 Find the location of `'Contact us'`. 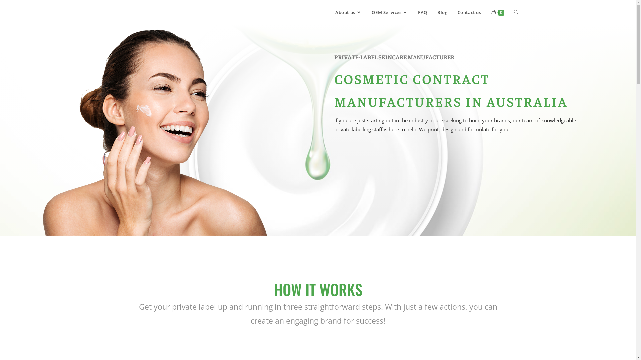

'Contact us' is located at coordinates (469, 12).